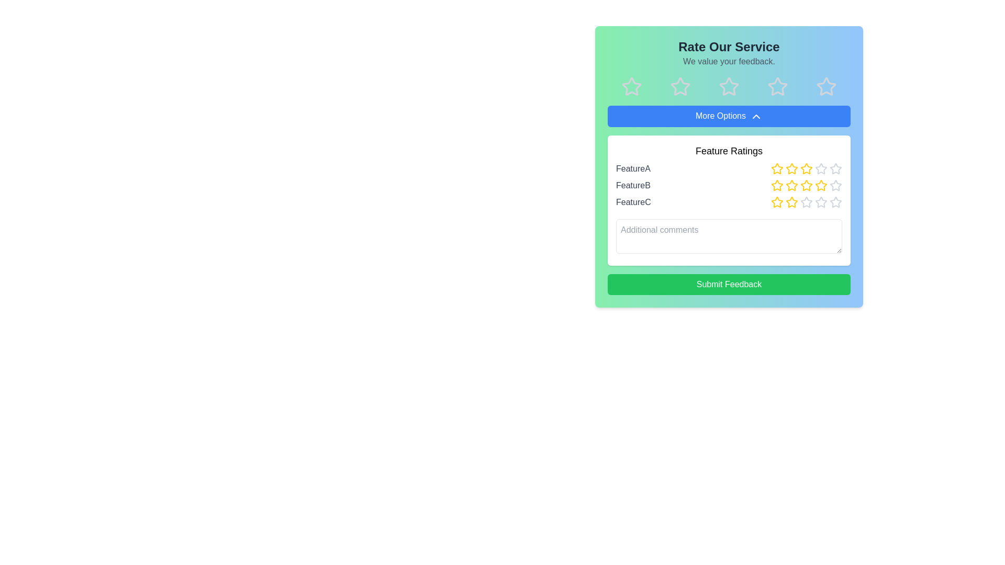  What do you see at coordinates (821, 202) in the screenshot?
I see `the fourth star icon in the feature rating section of the table under the column 'FeatureC'` at bounding box center [821, 202].